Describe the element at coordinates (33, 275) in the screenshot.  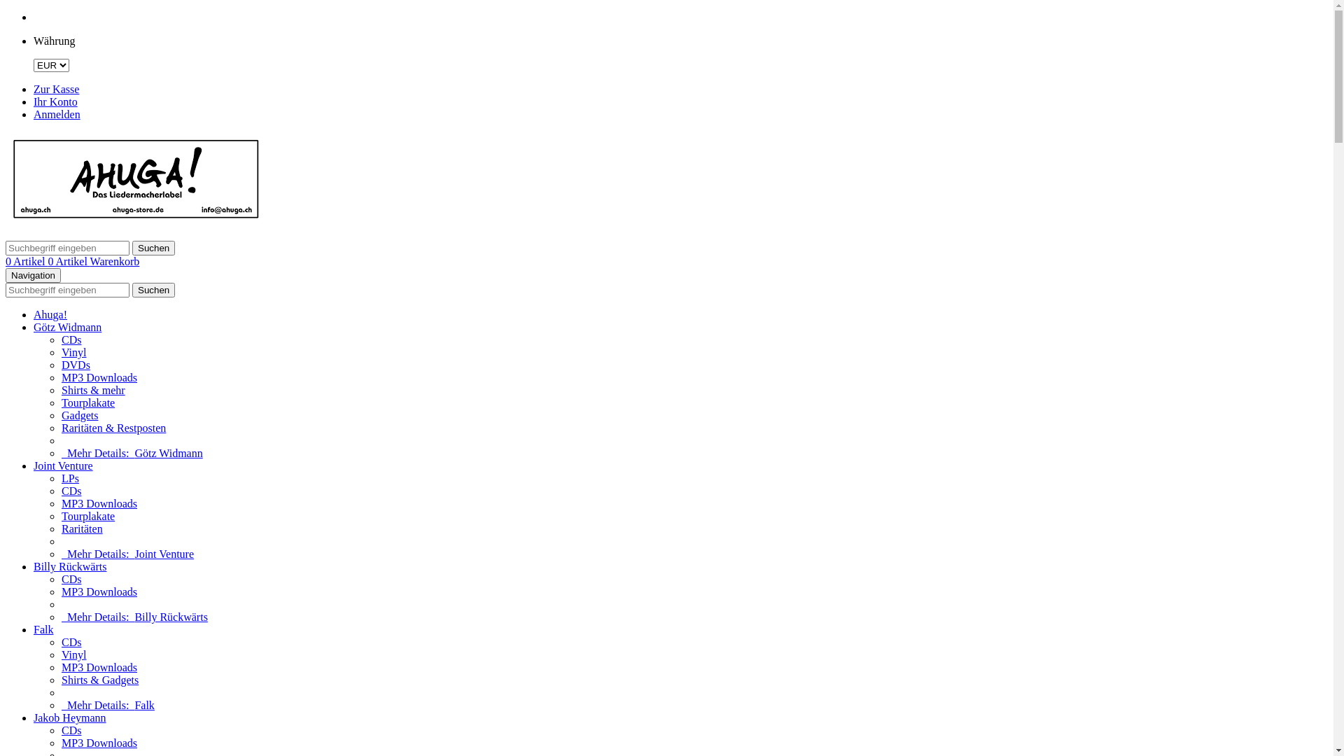
I see `'Navigation'` at that location.